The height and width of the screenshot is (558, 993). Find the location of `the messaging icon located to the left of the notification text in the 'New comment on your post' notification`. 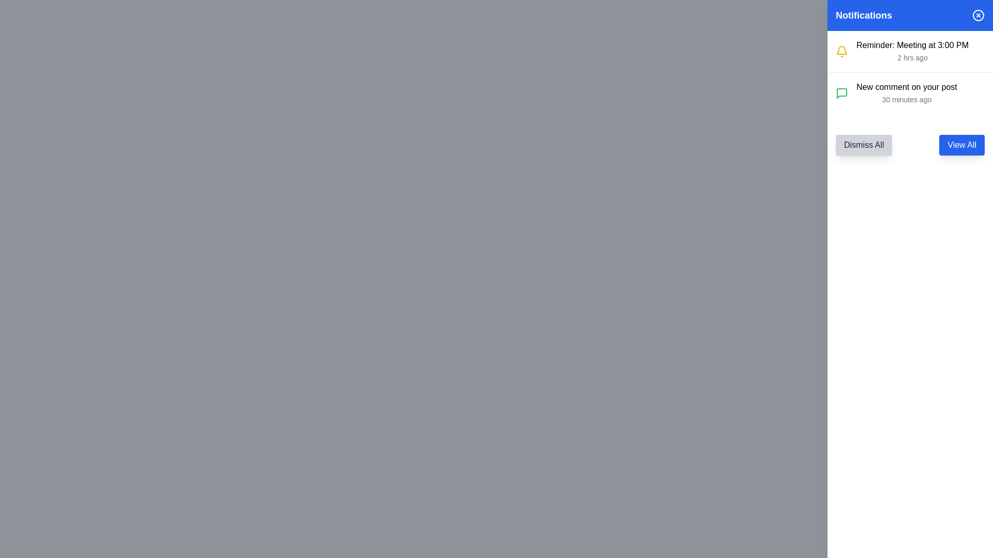

the messaging icon located to the left of the notification text in the 'New comment on your post' notification is located at coordinates (841, 94).